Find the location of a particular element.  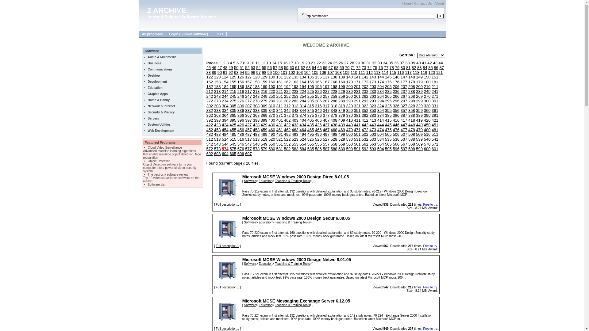

'71' is located at coordinates (353, 67).